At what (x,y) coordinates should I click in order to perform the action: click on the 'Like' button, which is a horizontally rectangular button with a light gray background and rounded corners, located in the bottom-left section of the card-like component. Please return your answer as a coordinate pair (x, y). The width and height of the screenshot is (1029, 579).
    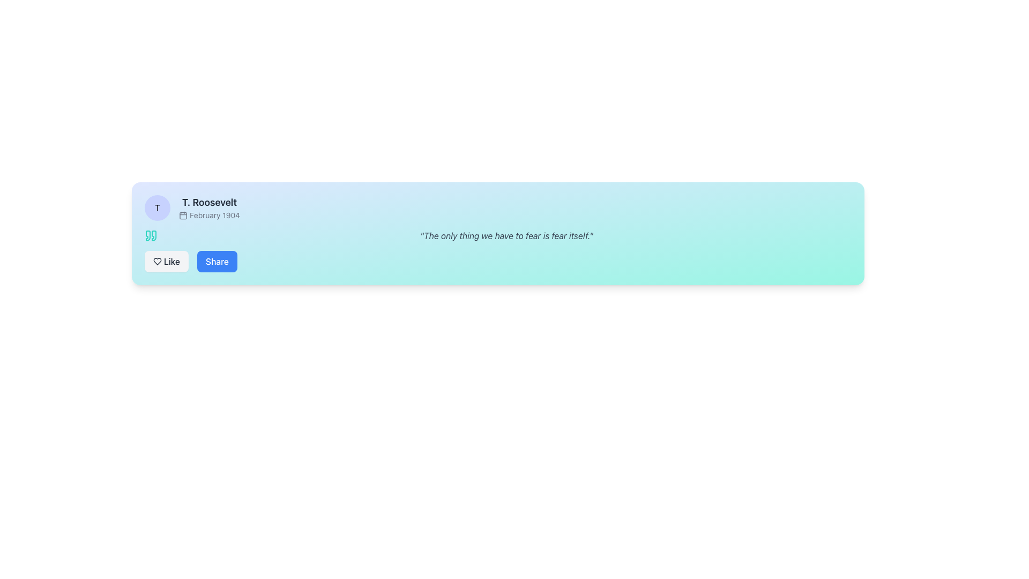
    Looking at the image, I should click on (166, 262).